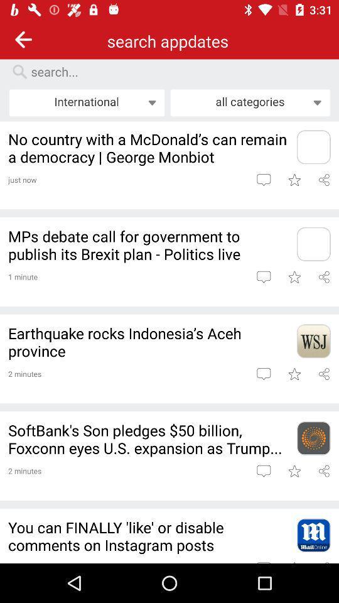 This screenshot has height=603, width=339. Describe the element at coordinates (313, 243) in the screenshot. I see `article logo` at that location.